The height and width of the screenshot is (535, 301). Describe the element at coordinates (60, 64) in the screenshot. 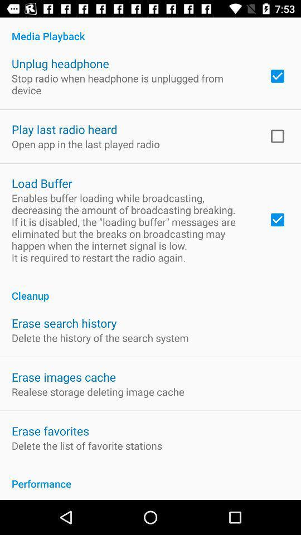

I see `the unplug headphone item` at that location.